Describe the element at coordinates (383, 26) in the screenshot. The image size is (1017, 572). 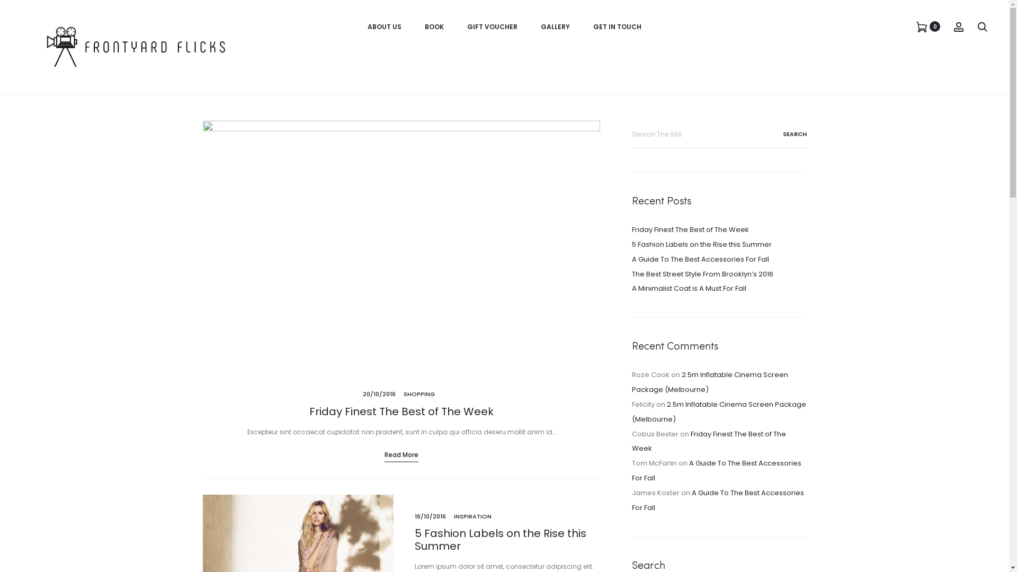
I see `'ABOUT US'` at that location.